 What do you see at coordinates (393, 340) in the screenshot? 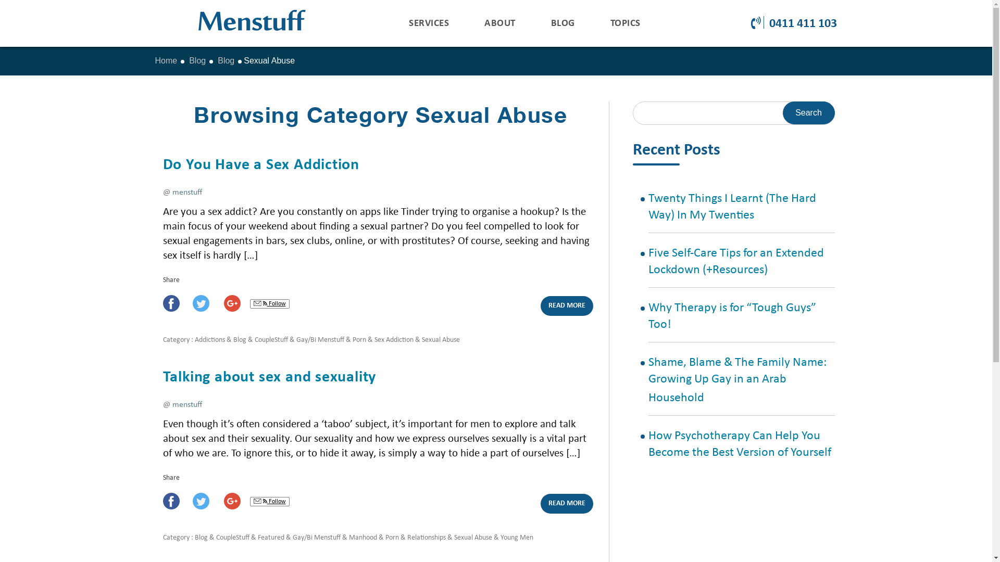
I see `'Sex Addiction'` at bounding box center [393, 340].